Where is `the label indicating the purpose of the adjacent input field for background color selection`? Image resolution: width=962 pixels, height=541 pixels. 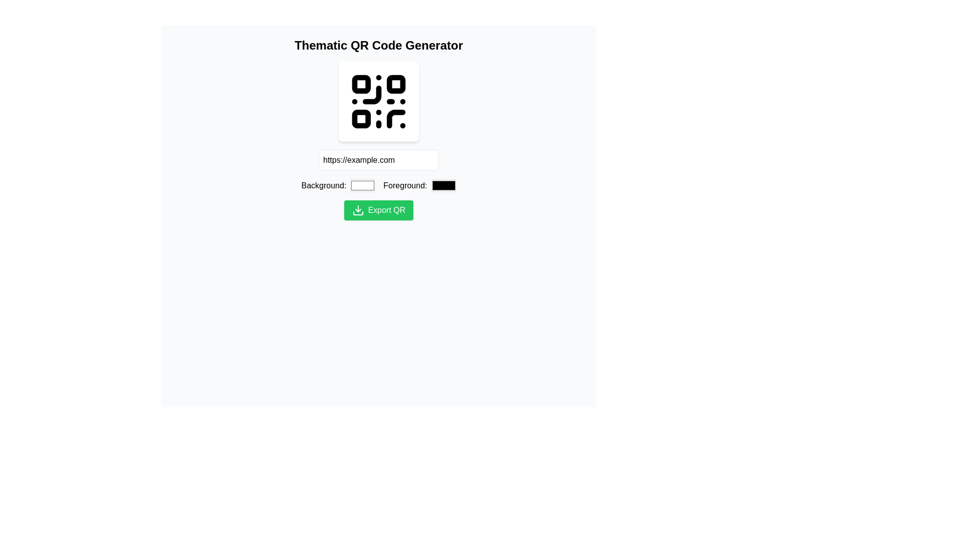 the label indicating the purpose of the adjacent input field for background color selection is located at coordinates (324, 185).